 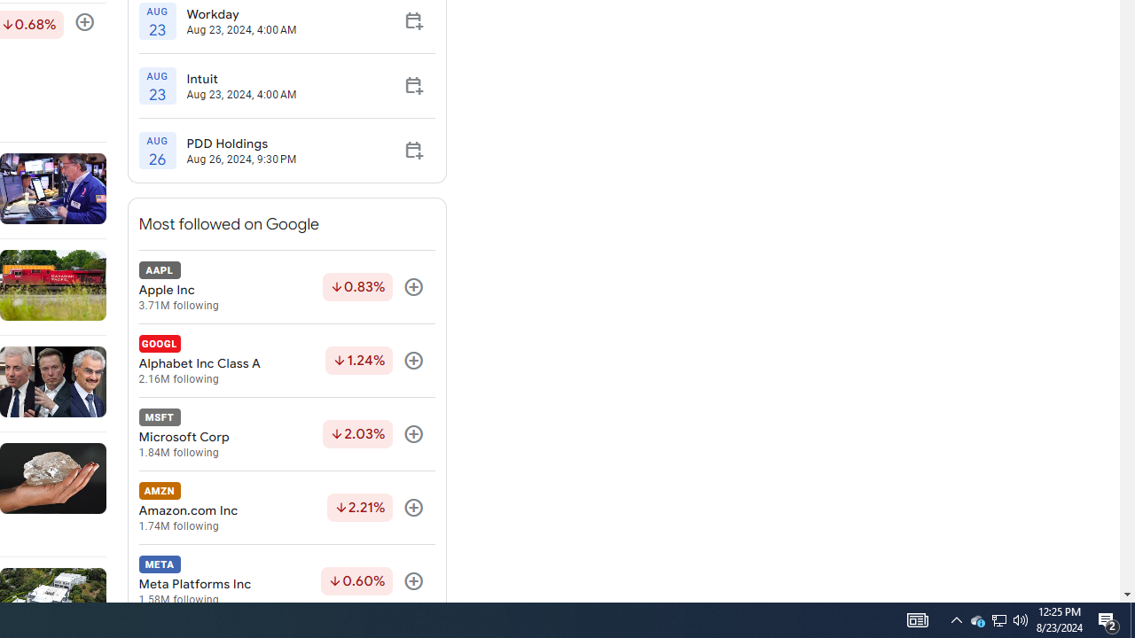 I want to click on 'AAPL Apple Inc 3.71M following Down by 0.83% Follow', so click(x=286, y=286).